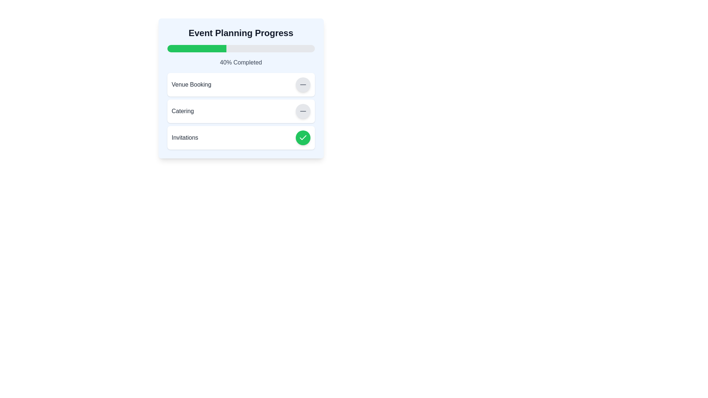 This screenshot has height=398, width=708. I want to click on the white checkmark icon within the green circular background located in the third task row labeled 'Invitations', so click(303, 138).